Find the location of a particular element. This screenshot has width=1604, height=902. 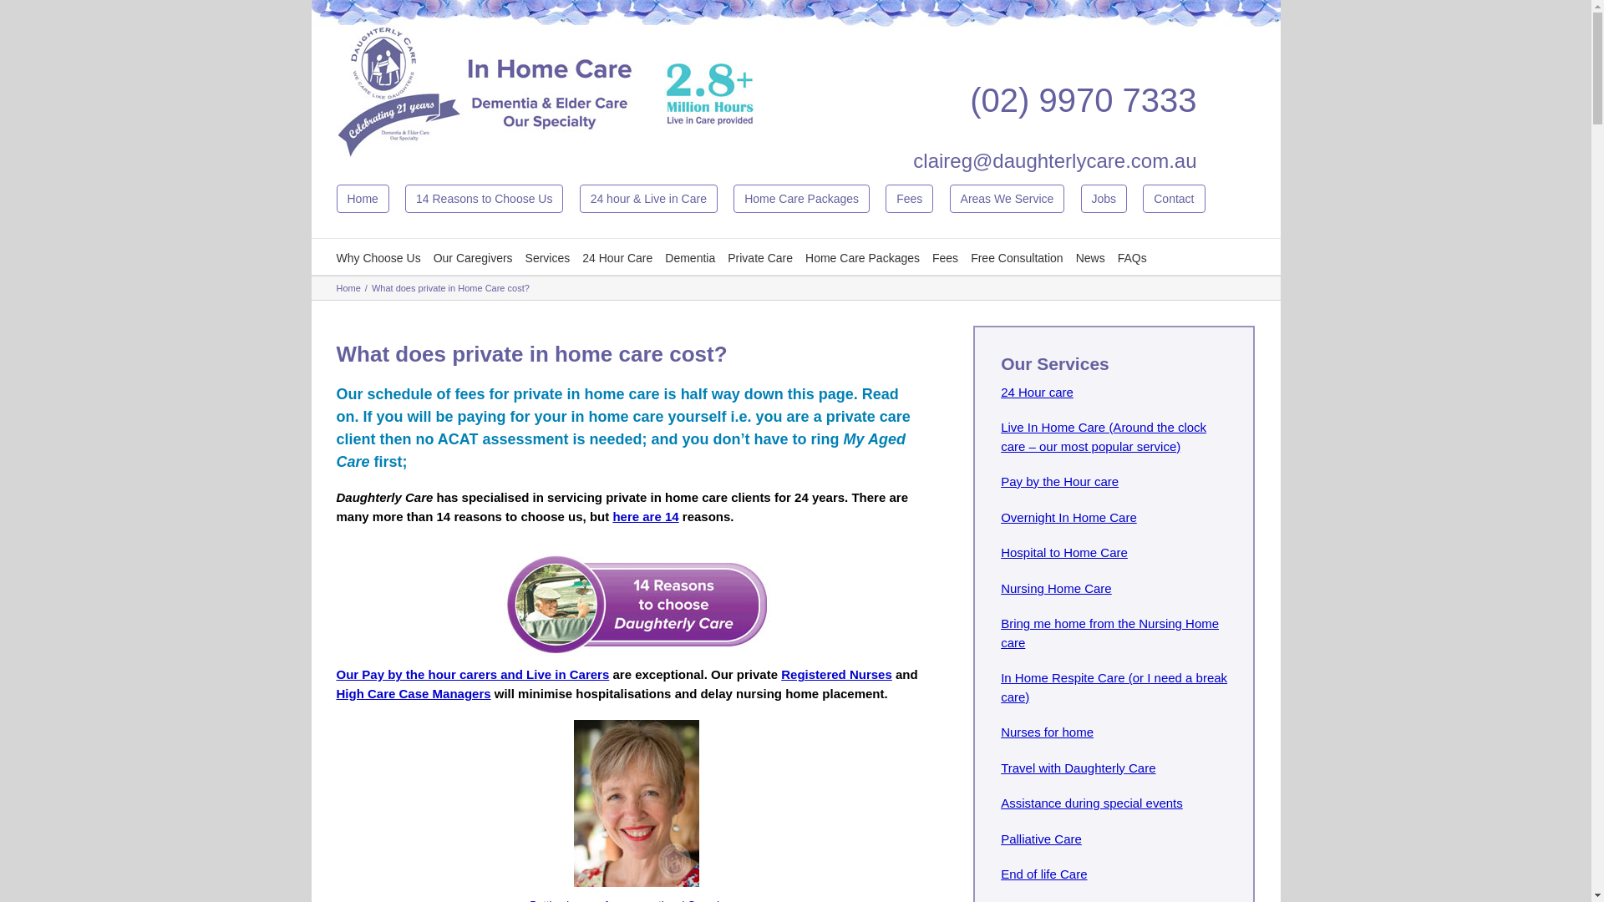

'Home Care Packages' is located at coordinates (862, 256).